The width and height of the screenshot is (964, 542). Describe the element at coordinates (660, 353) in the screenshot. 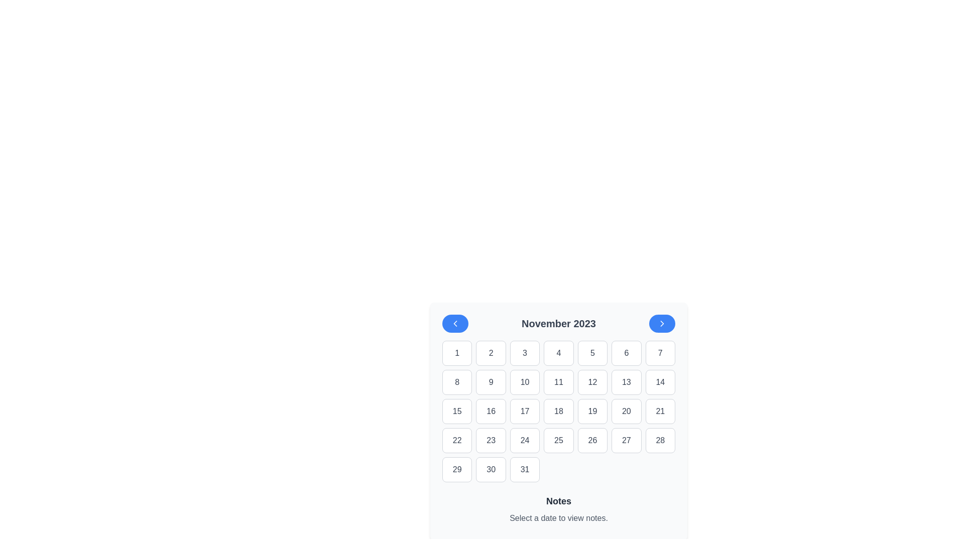

I see `the button representing the 7th day of the month in the calendar interface` at that location.